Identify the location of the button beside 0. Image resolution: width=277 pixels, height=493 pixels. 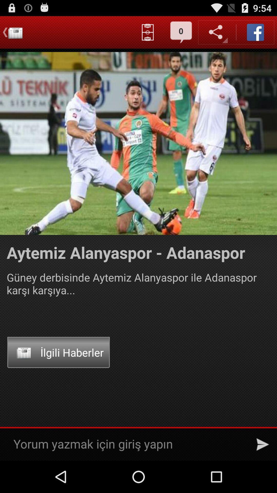
(148, 32).